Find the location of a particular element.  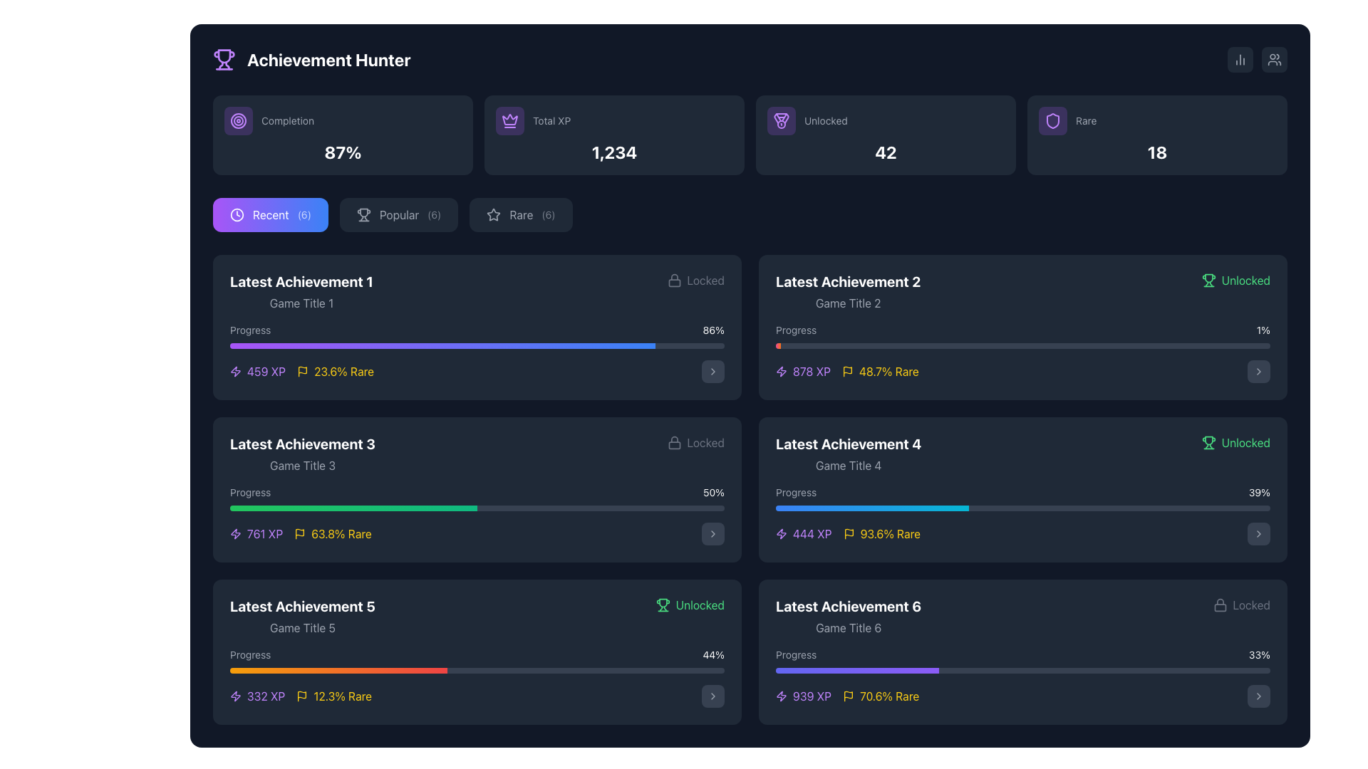

the associated icons within the Achievement card located in the middle-left section of the grid layout, specifically the third card from the top in the left column is located at coordinates (477, 488).